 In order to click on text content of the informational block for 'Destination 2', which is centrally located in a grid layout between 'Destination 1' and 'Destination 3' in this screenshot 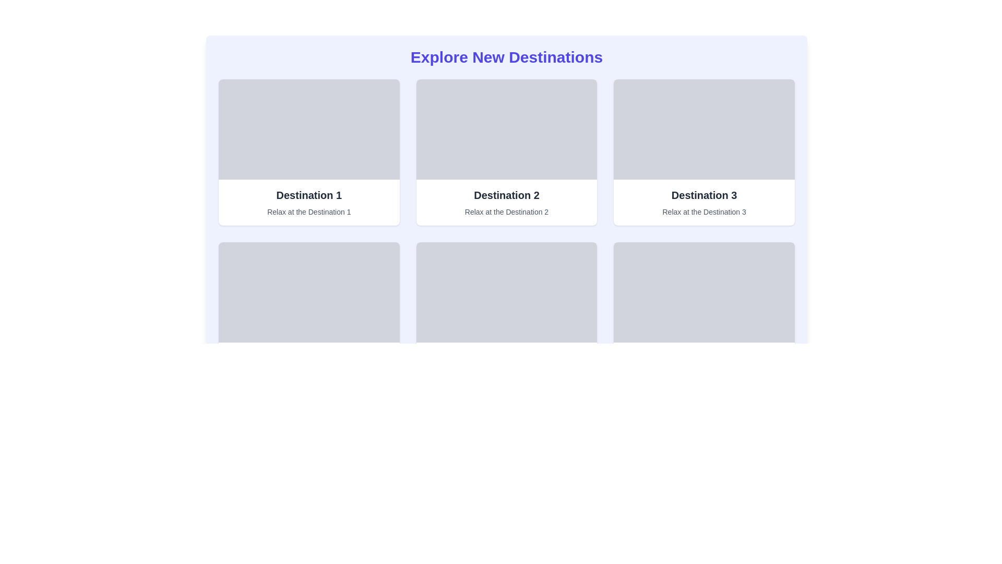, I will do `click(506, 203)`.